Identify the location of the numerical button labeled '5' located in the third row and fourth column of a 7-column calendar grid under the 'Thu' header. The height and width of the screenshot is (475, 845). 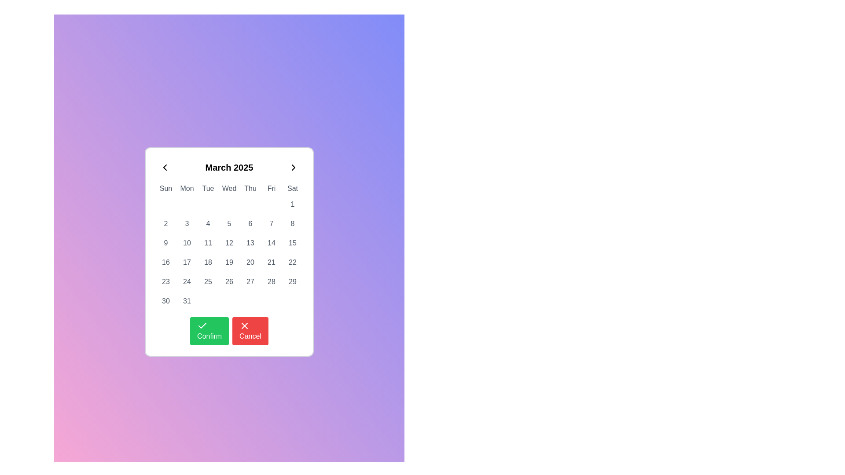
(229, 223).